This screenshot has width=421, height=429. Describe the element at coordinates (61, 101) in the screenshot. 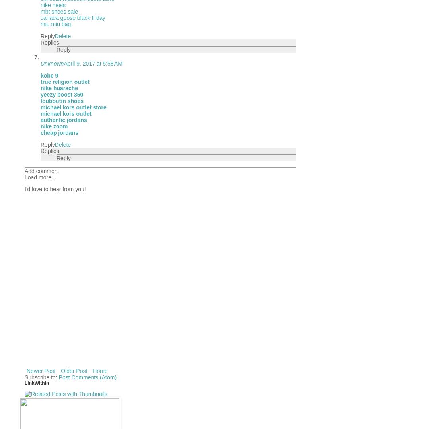

I see `'louboutin shoes'` at that location.